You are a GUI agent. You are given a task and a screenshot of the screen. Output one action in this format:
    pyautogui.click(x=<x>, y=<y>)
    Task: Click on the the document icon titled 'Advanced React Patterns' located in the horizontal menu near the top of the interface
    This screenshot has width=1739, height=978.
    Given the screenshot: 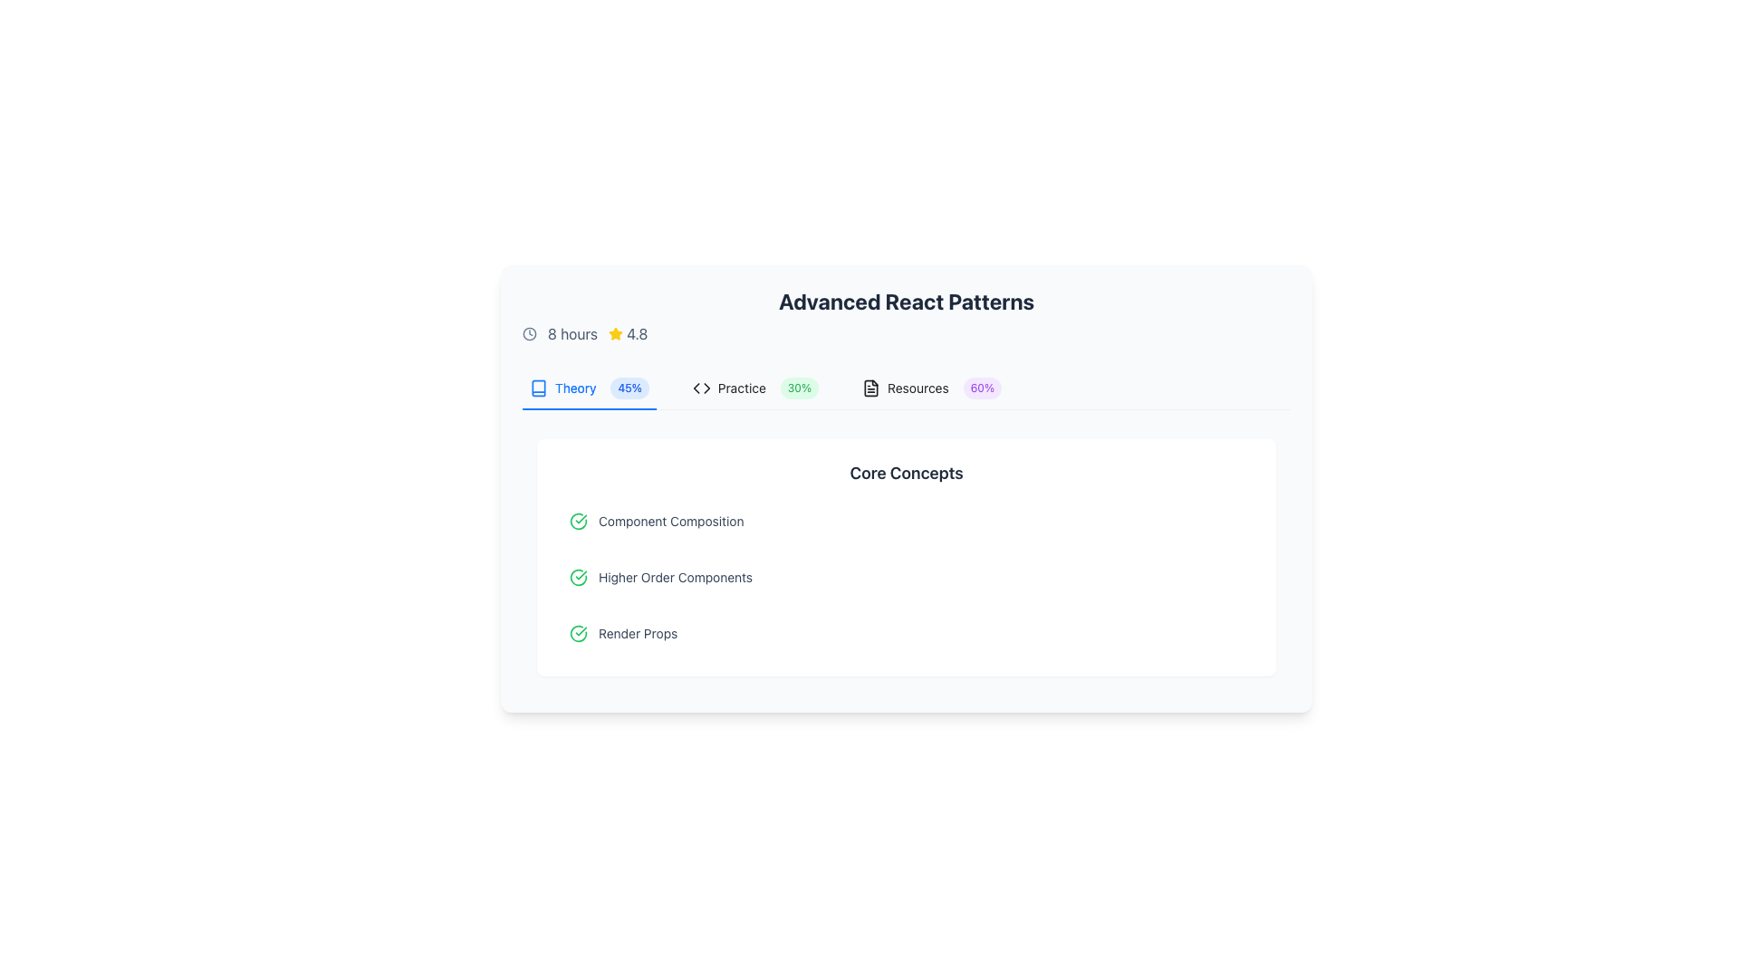 What is the action you would take?
    pyautogui.click(x=871, y=387)
    